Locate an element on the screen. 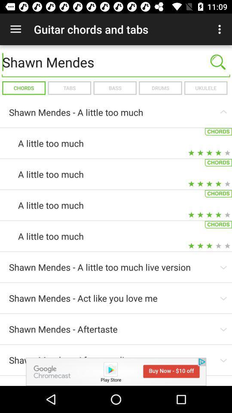 The height and width of the screenshot is (413, 232). item next to the guitar chords and icon is located at coordinates (15, 29).